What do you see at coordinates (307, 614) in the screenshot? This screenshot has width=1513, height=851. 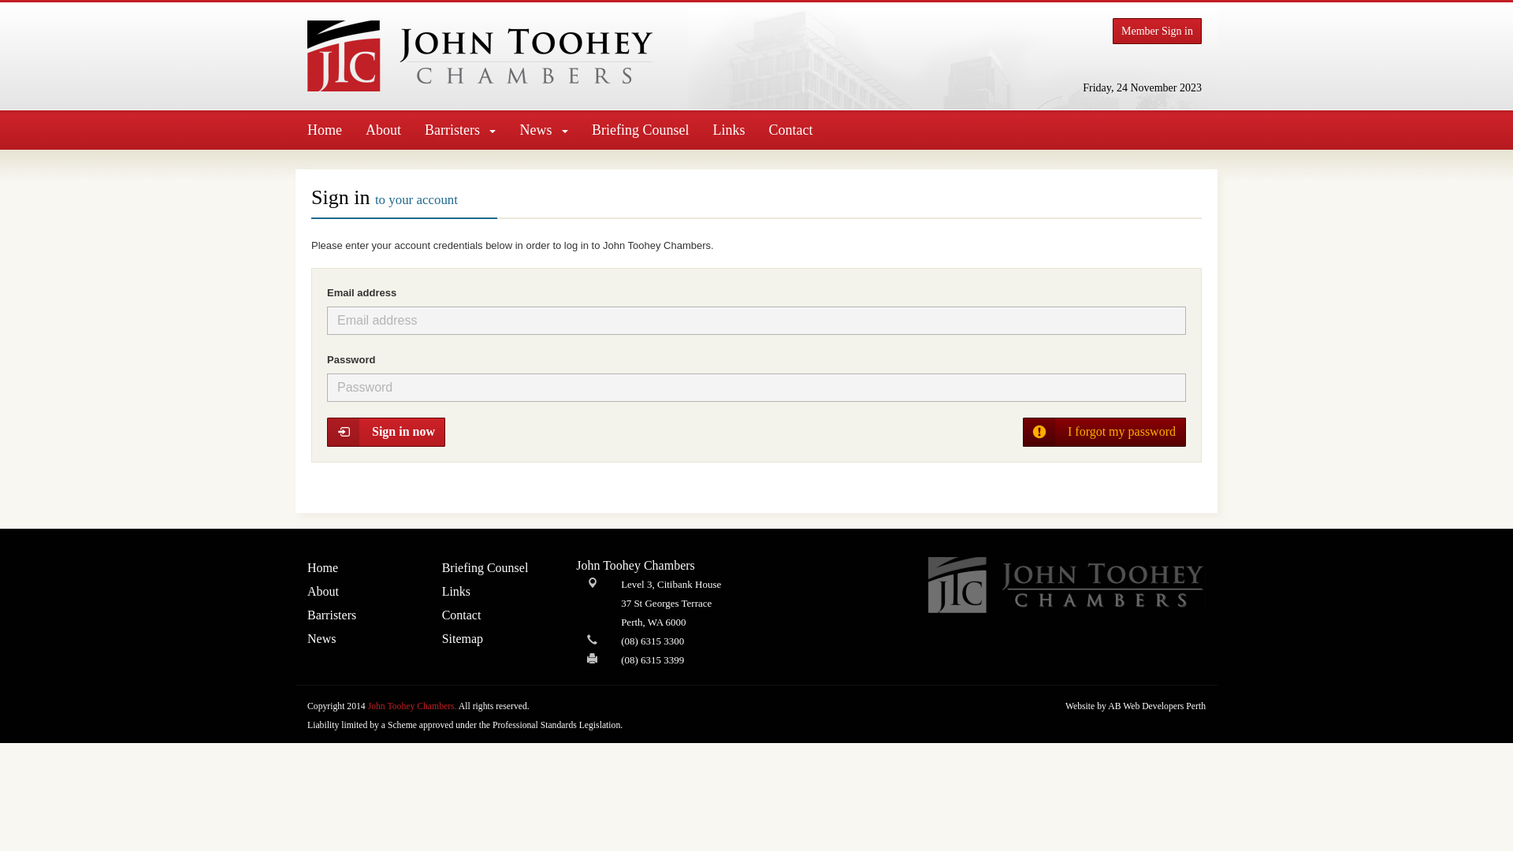 I see `'Barristers'` at bounding box center [307, 614].